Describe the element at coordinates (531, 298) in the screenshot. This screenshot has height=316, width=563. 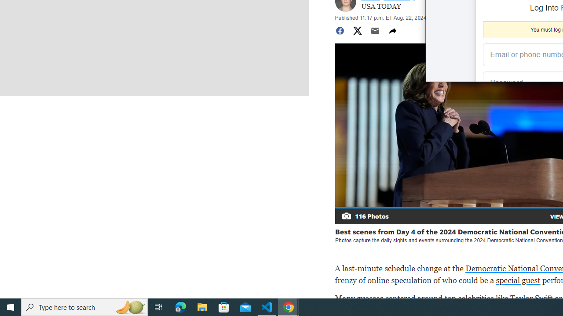
I see `'Taylor Swift'` at that location.